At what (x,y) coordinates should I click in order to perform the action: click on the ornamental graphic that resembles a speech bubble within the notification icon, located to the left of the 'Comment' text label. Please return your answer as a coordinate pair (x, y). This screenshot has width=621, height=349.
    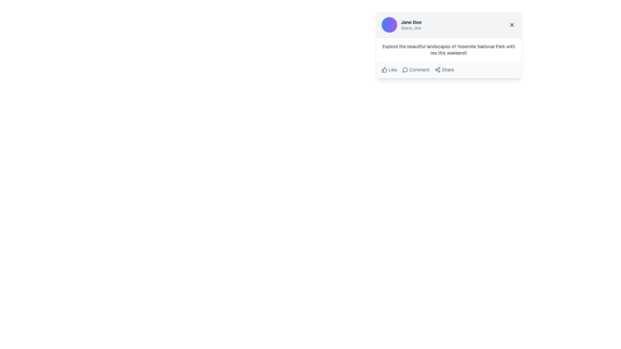
    Looking at the image, I should click on (405, 70).